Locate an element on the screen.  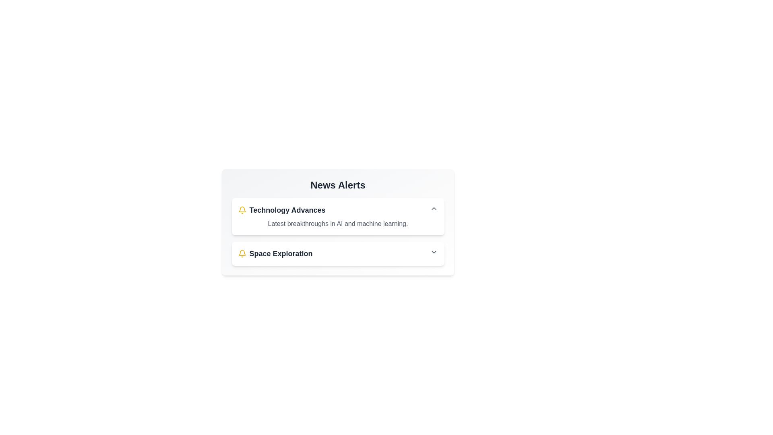
the icon accompanying the news item titled 'Space Exploration' is located at coordinates (242, 253).